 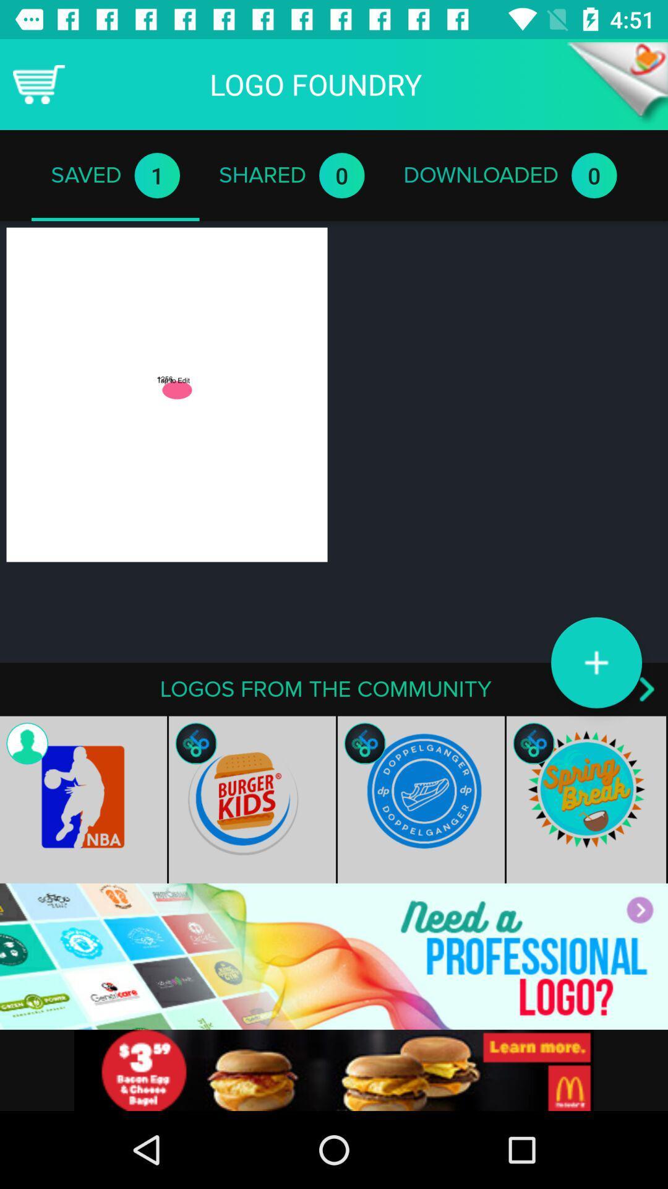 I want to click on advertisement 's website, so click(x=334, y=1069).